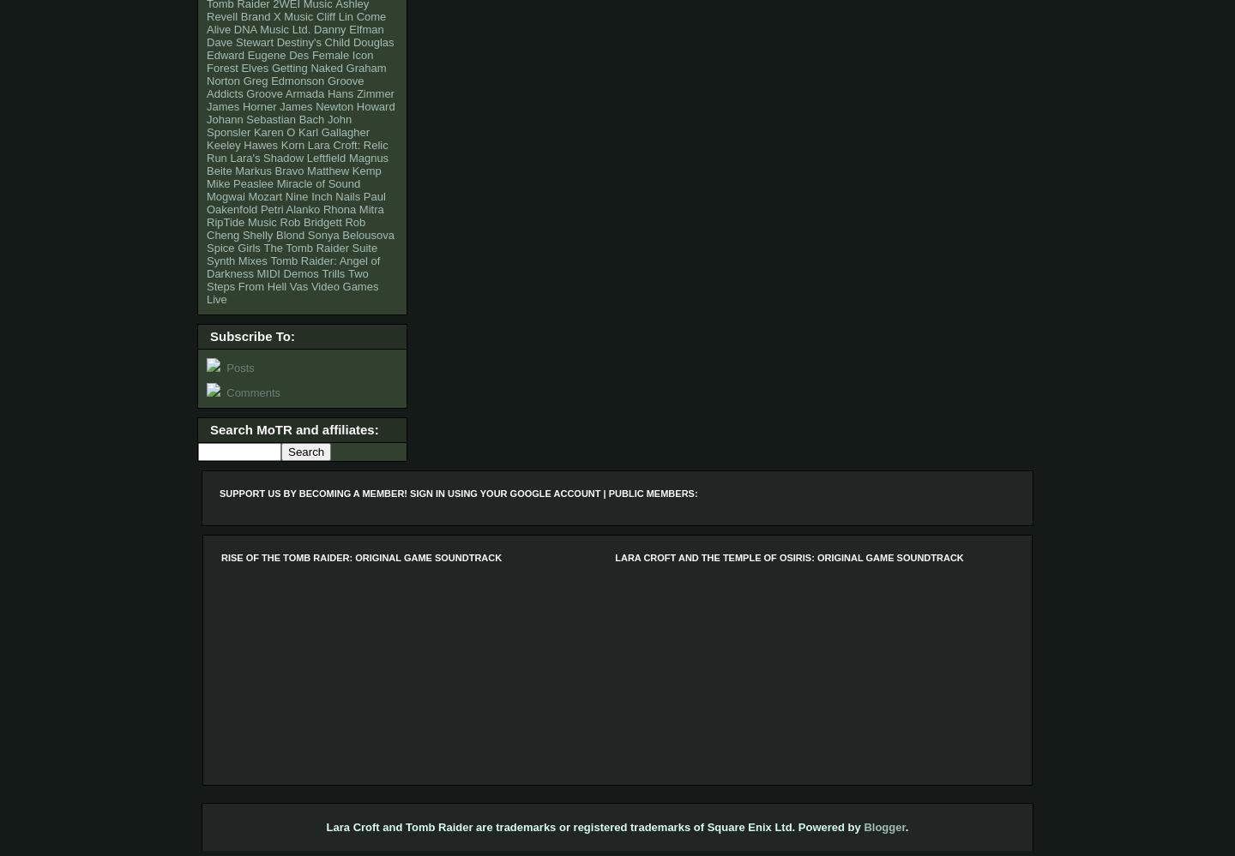  What do you see at coordinates (206, 151) in the screenshot?
I see `'Lara Croft: Relic Run'` at bounding box center [206, 151].